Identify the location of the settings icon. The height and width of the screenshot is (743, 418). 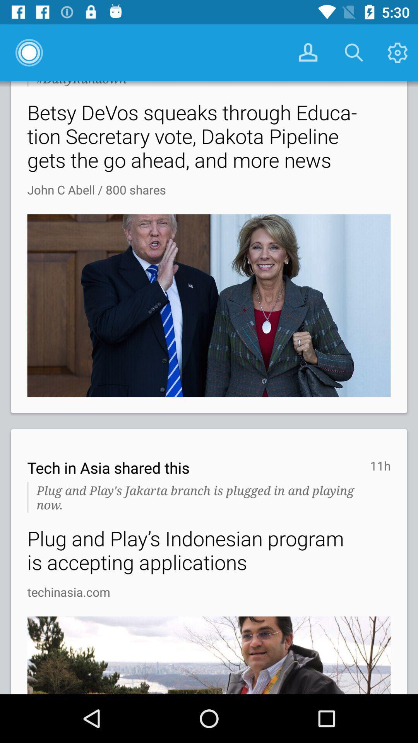
(396, 52).